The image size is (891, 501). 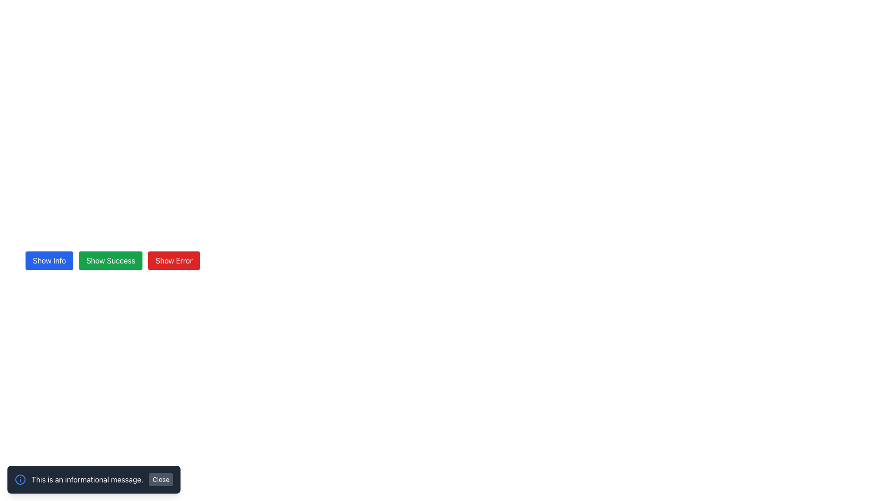 I want to click on the green button labeled 'Show Success', so click(x=110, y=261).